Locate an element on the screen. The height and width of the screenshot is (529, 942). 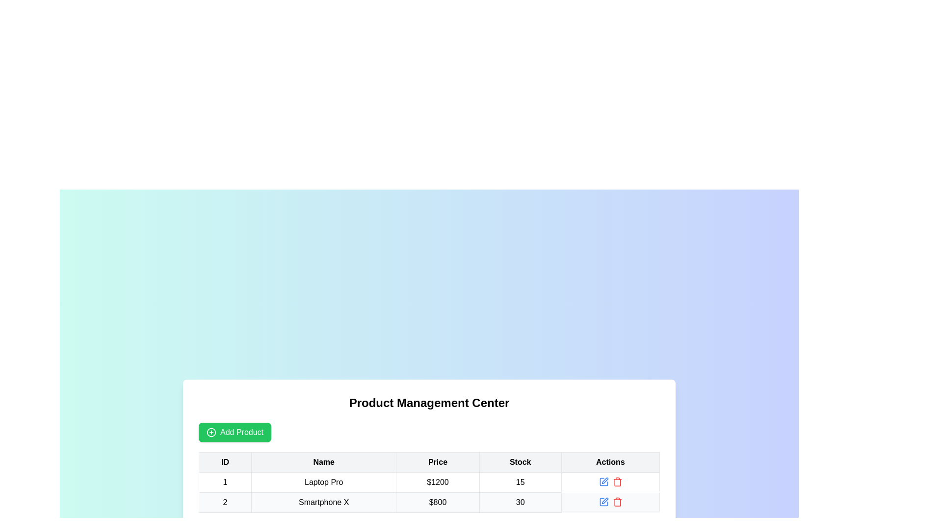
text content of the 'Price' column header, which is the third header in the table header row, styled with a light background and bold black font is located at coordinates (437, 462).